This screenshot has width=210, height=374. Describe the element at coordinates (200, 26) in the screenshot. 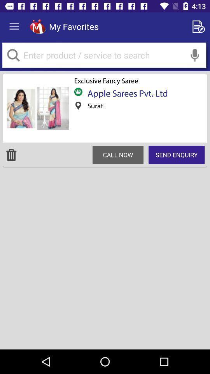

I see `new document` at that location.